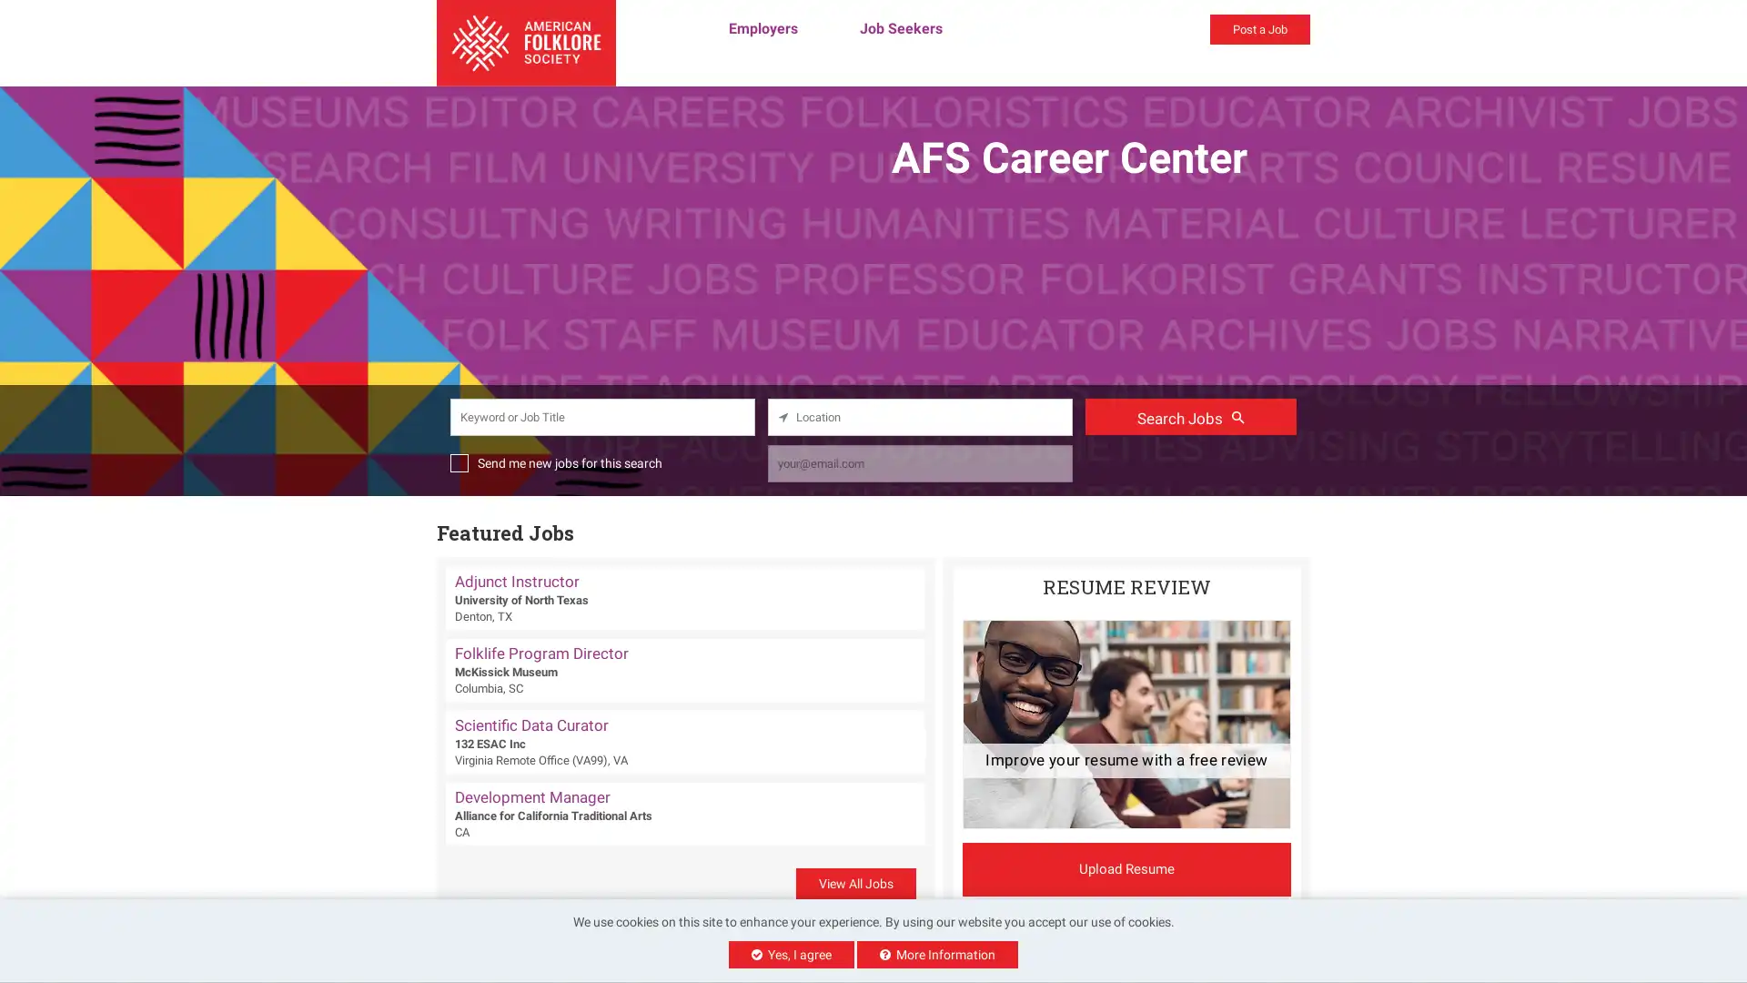 This screenshot has height=983, width=1747. Describe the element at coordinates (937, 954) in the screenshot. I see `More Information` at that location.